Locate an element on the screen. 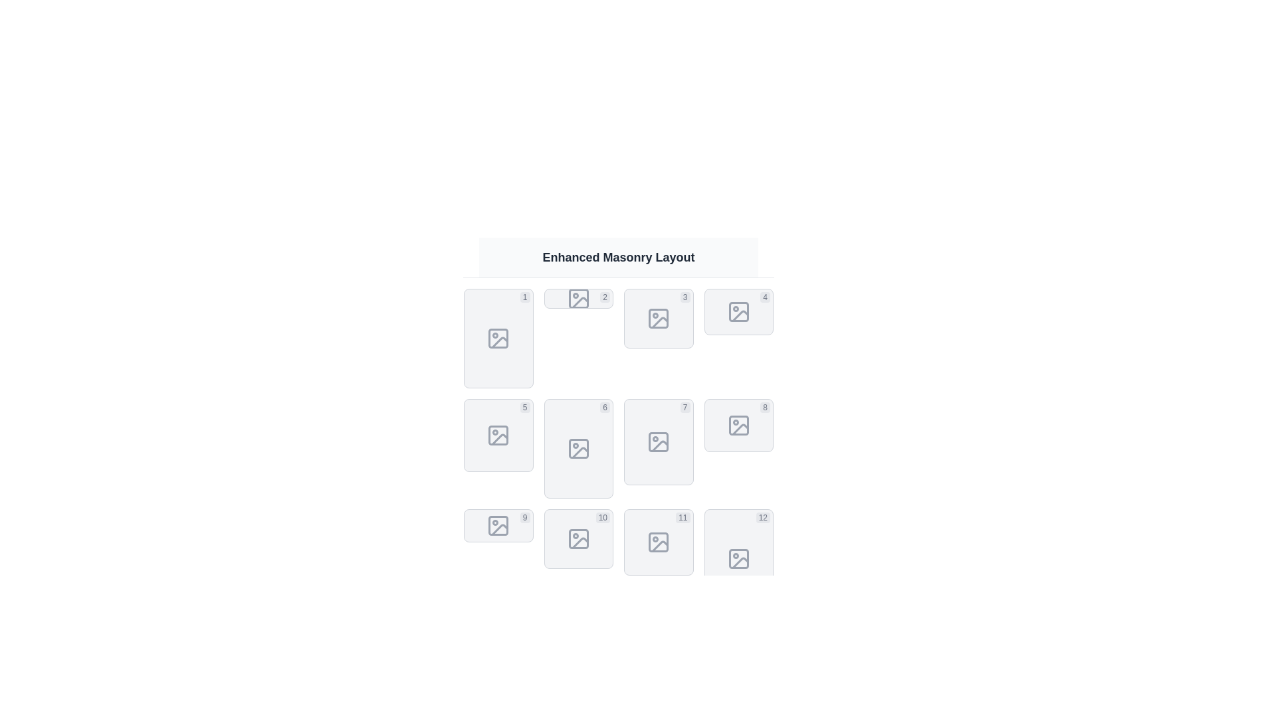  the static text label indicating the number 5 located in the top-right corner of the second card in the grid layout is located at coordinates (524, 406).